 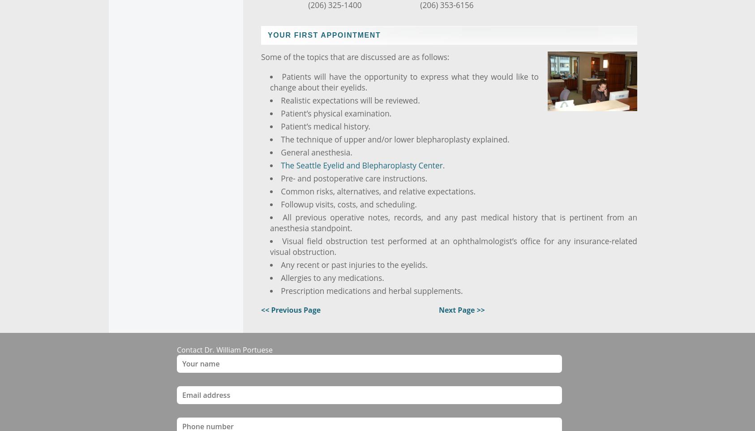 I want to click on 'Some of the topics that are discussed are as follows:', so click(x=355, y=56).